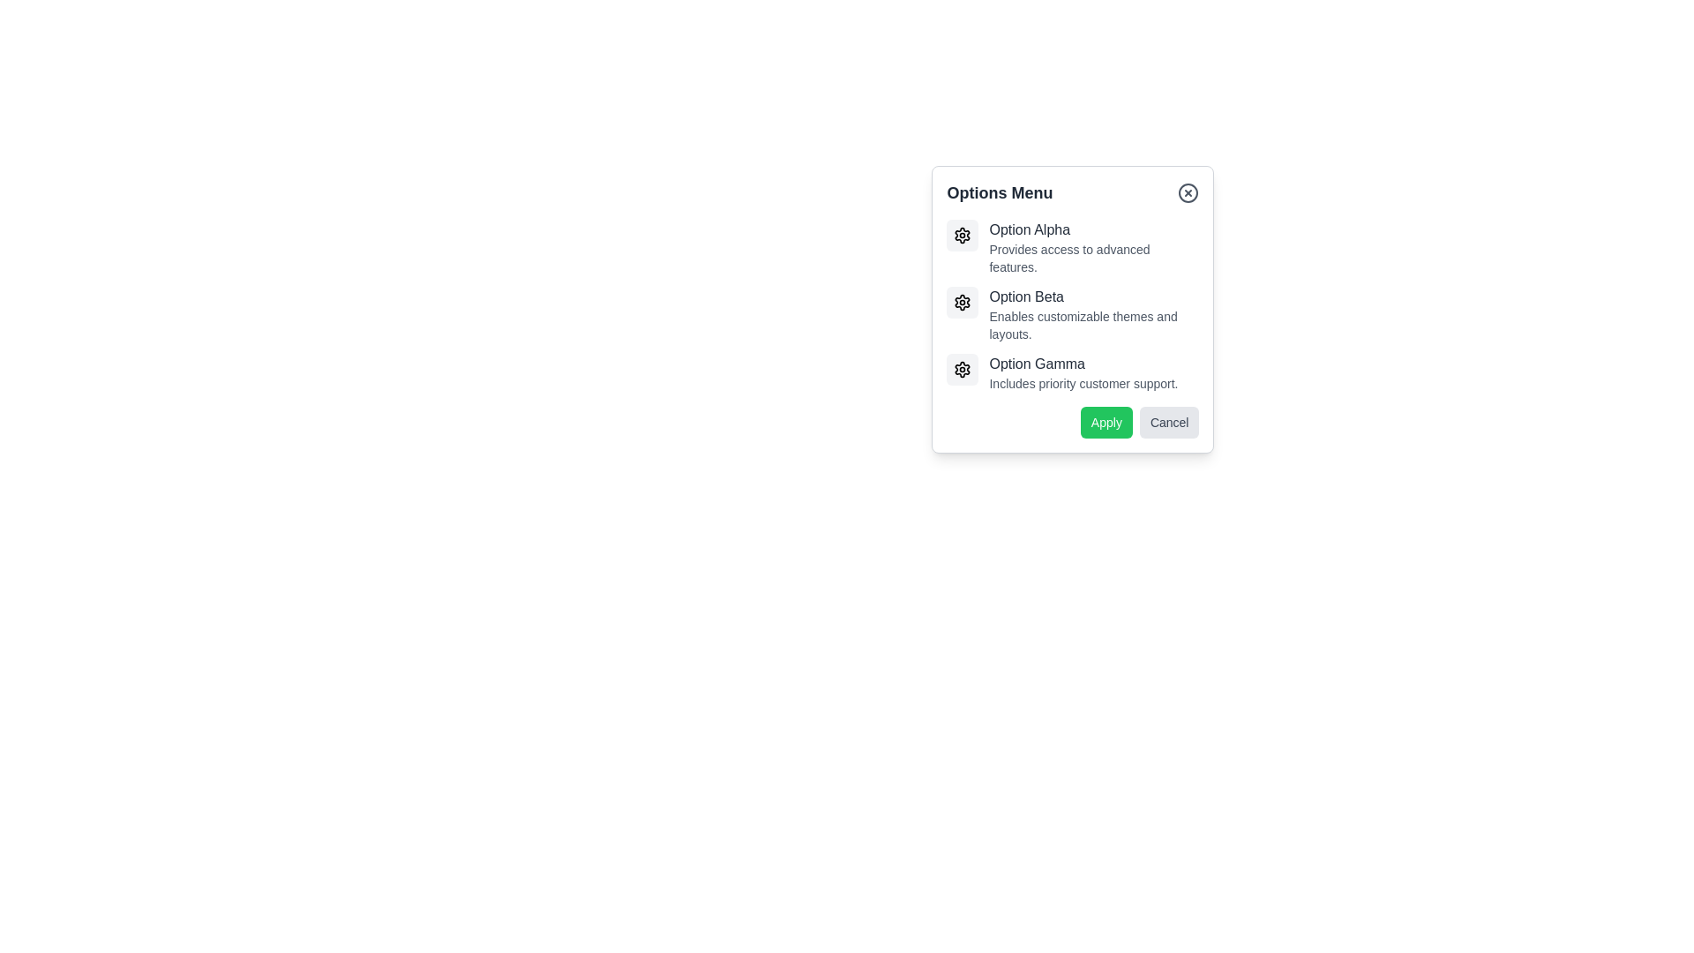 This screenshot has width=1694, height=953. Describe the element at coordinates (1072, 372) in the screenshot. I see `the selectable list item that describes the 'Option Gamma' feature with priority customer support, located in the vertical list of options within the modal interface` at that location.